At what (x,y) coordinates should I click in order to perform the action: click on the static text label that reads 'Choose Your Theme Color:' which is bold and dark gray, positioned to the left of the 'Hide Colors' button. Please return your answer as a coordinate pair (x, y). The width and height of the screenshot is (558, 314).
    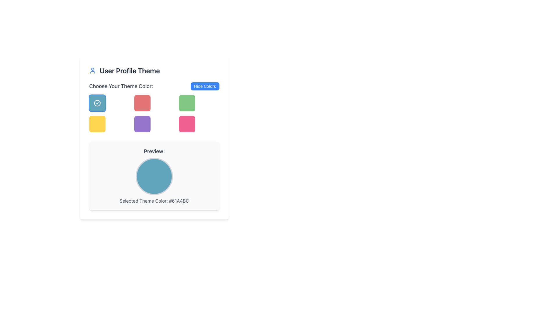
    Looking at the image, I should click on (121, 86).